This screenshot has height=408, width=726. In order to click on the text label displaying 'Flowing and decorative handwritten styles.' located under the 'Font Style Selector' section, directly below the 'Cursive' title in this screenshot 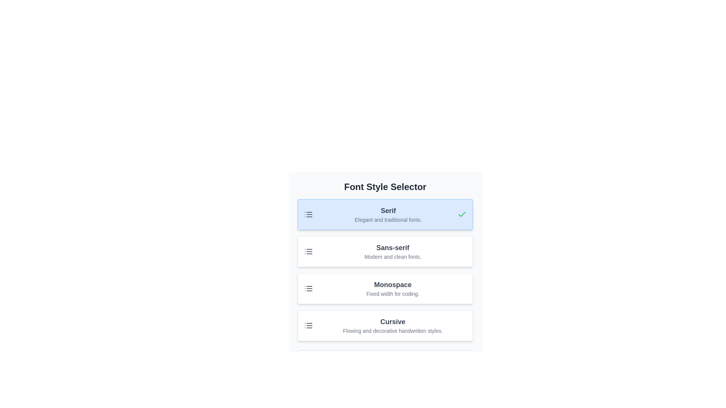, I will do `click(392, 330)`.